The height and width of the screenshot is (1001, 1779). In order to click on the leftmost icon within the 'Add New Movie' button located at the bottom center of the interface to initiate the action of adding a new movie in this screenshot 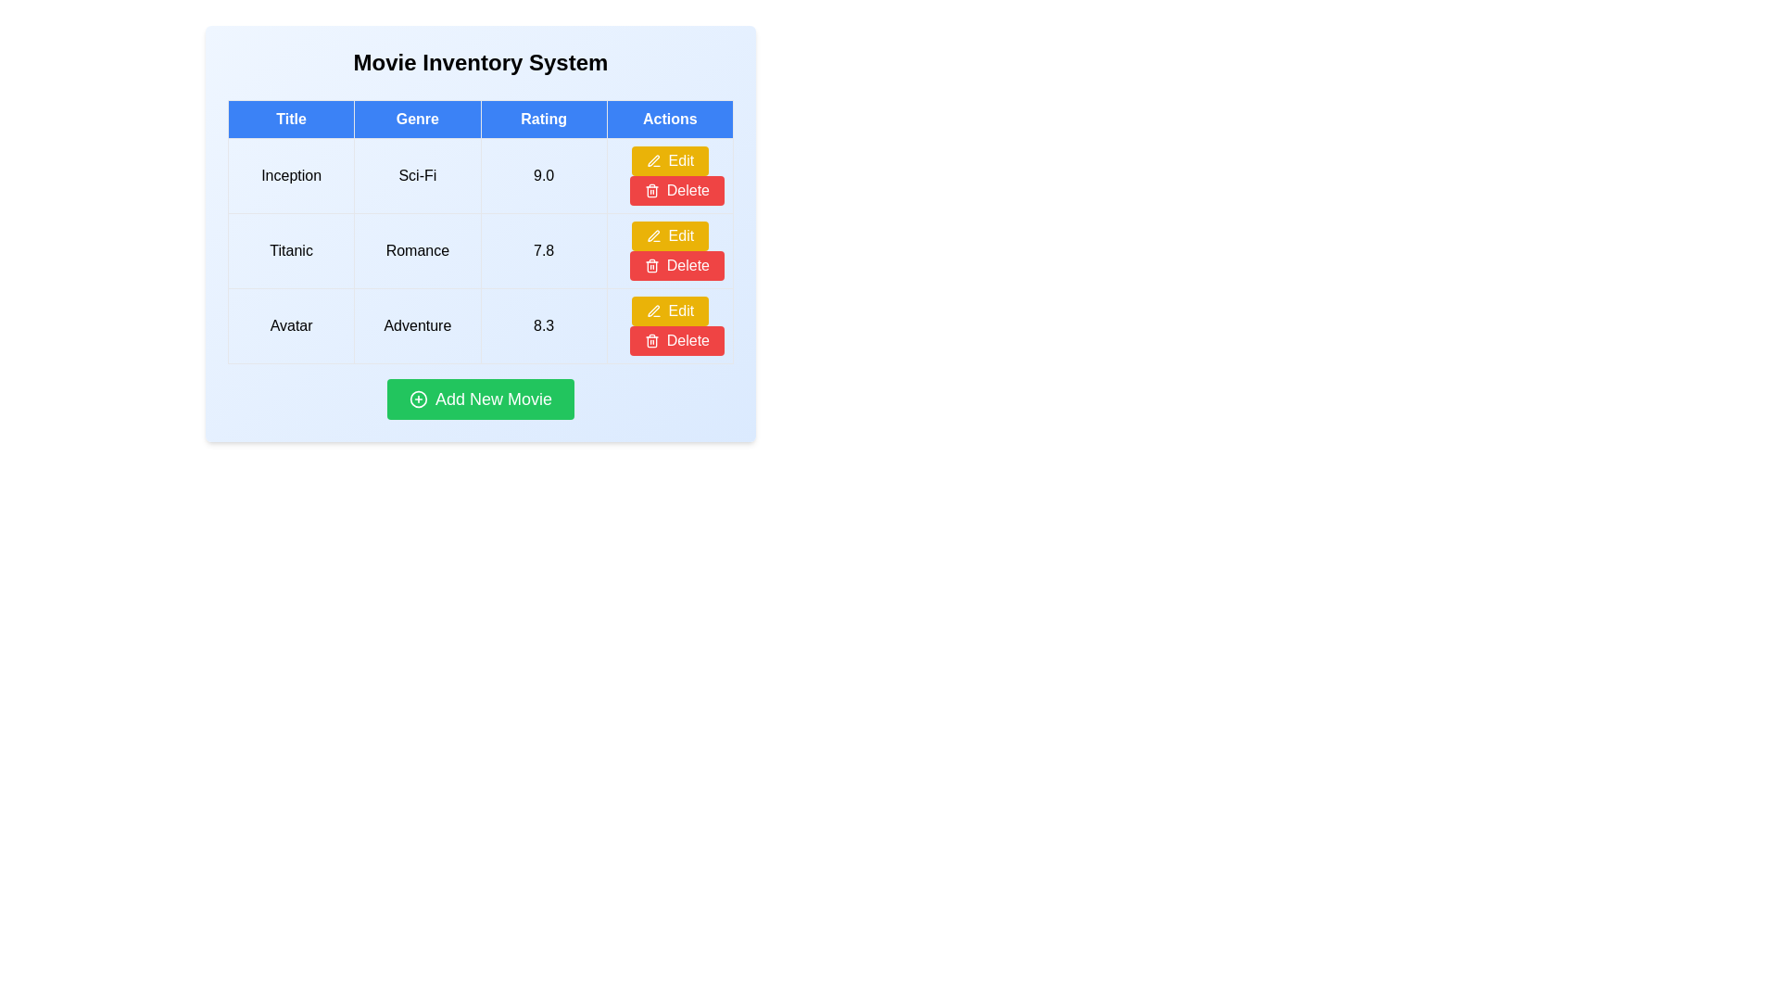, I will do `click(417, 399)`.